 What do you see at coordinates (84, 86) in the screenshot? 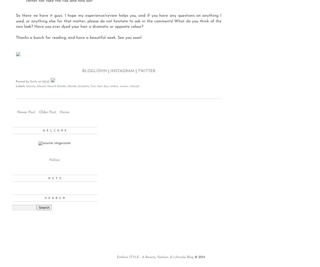
I see `'brunette'` at bounding box center [84, 86].